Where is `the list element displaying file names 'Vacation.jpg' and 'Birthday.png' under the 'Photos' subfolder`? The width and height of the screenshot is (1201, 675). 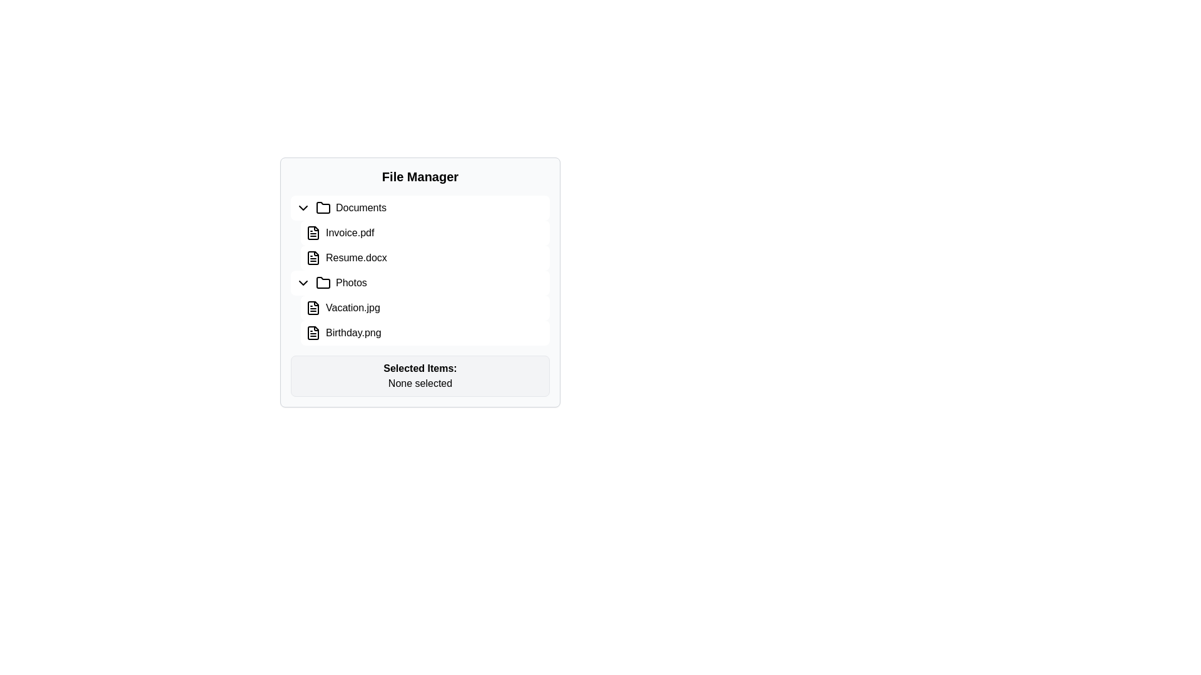
the list element displaying file names 'Vacation.jpg' and 'Birthday.png' under the 'Photos' subfolder is located at coordinates (420, 308).